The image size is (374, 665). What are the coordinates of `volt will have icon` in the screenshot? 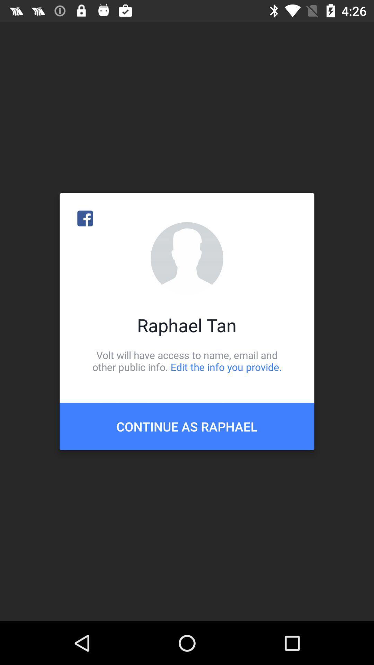 It's located at (187, 361).